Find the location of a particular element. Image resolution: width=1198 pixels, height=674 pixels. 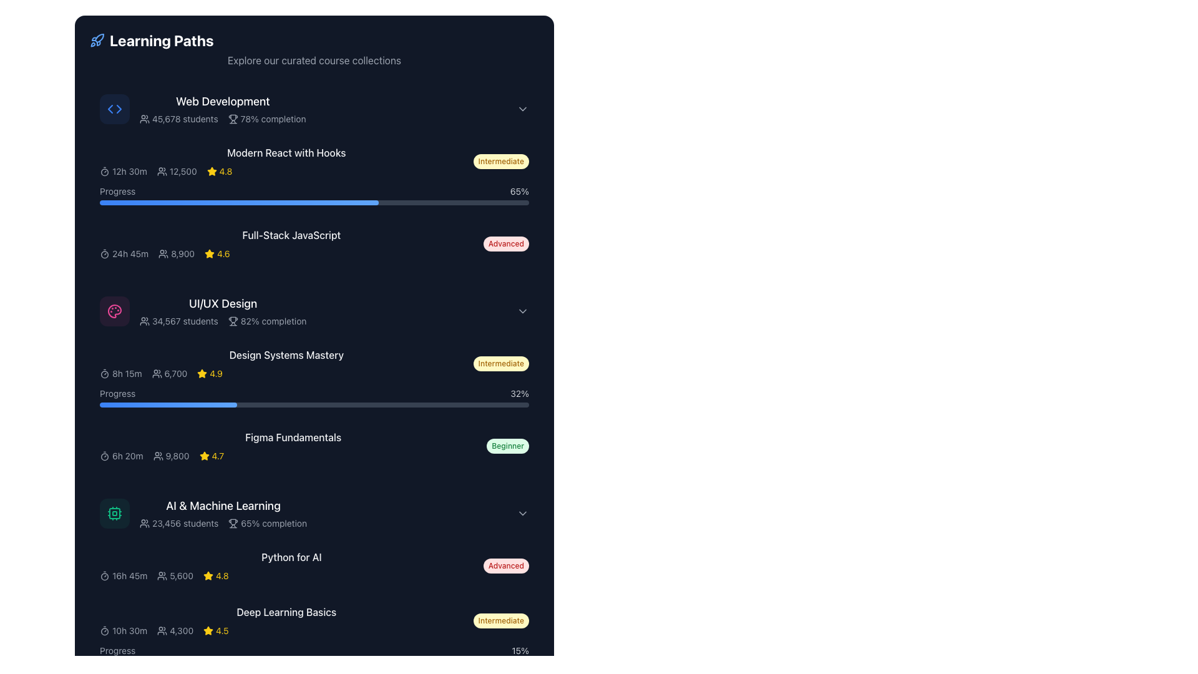

the text label displaying '82% completion' with a trophy icon, located within the UI/UX Design course section, to the right of '34,567 students' and above the progress bar is located at coordinates (266, 321).